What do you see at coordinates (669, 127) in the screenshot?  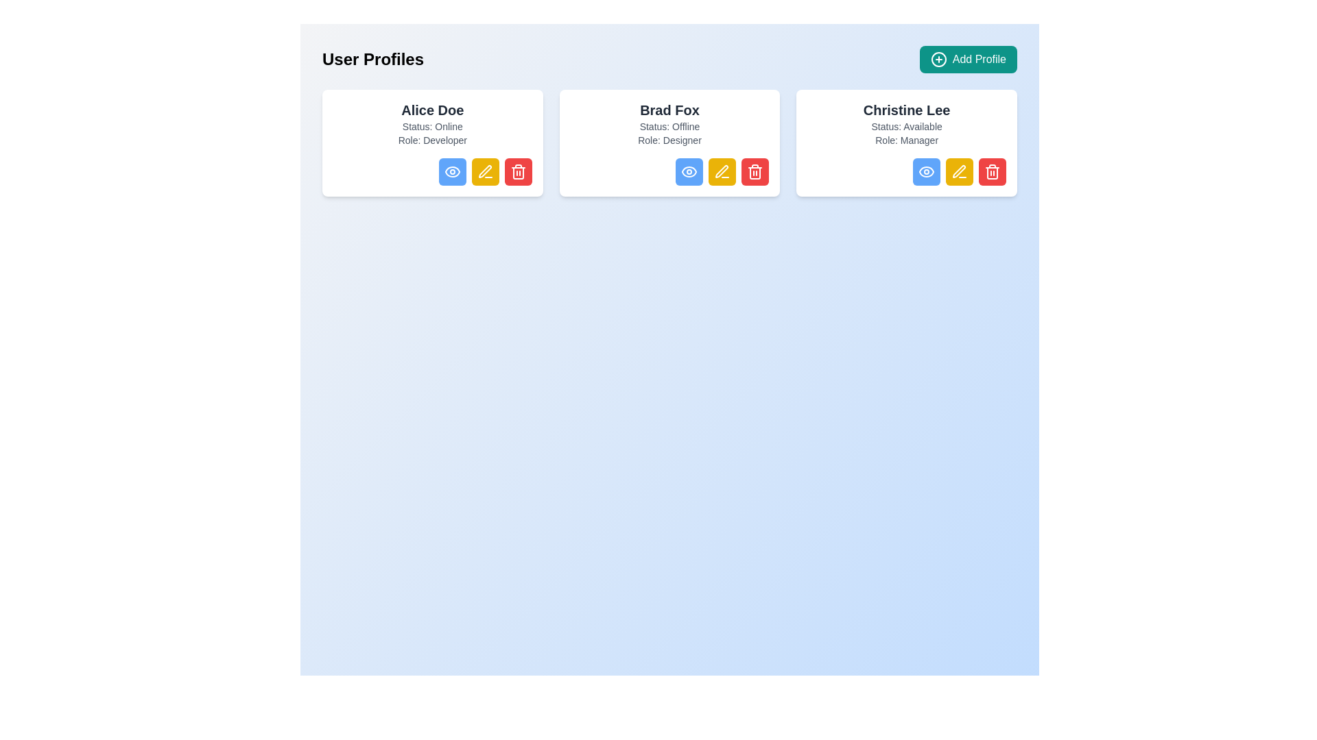 I see `the text label indicating the current status of the user in the second profile card for 'Brad Fox', positioned between the user's name and their role` at bounding box center [669, 127].